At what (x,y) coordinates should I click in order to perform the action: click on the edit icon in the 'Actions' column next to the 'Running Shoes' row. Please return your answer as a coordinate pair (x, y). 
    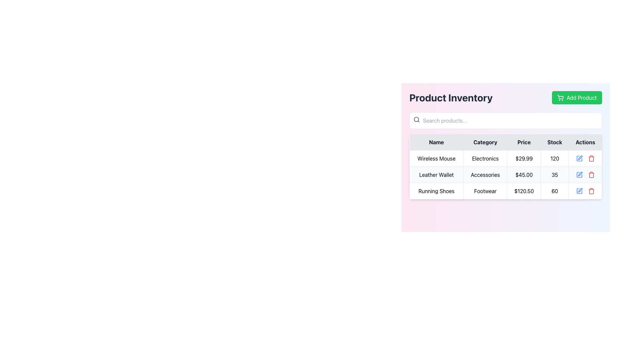
    Looking at the image, I should click on (580, 190).